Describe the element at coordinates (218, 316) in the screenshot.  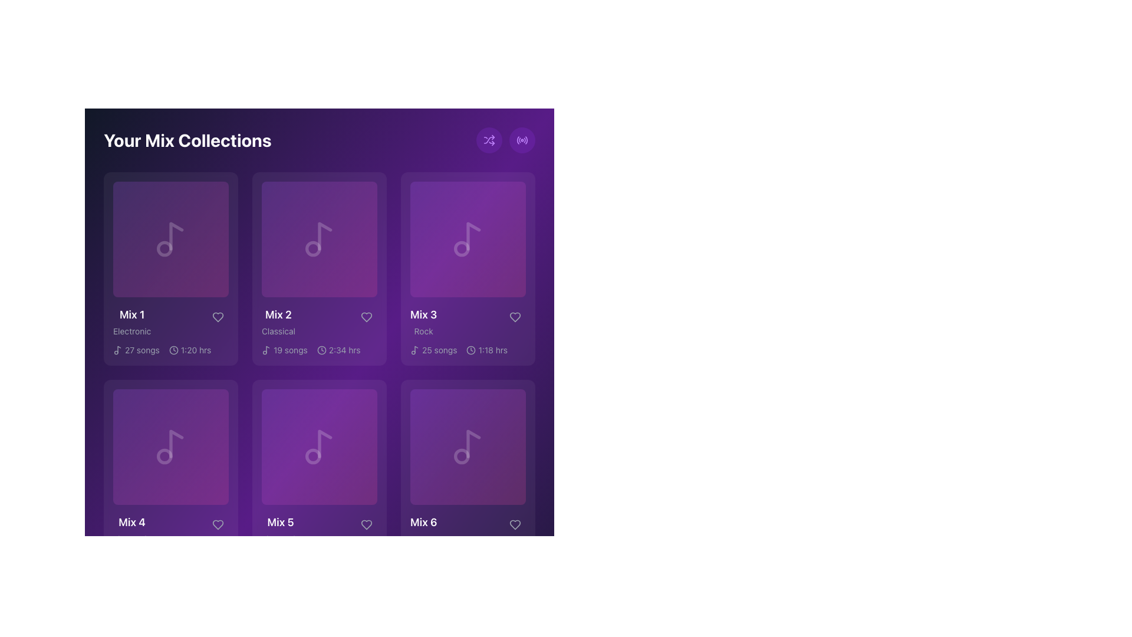
I see `the heart-shaped icon button styled as an icon located in the 'Your Mix Collections' section, next to the 'Mix 1' text` at that location.